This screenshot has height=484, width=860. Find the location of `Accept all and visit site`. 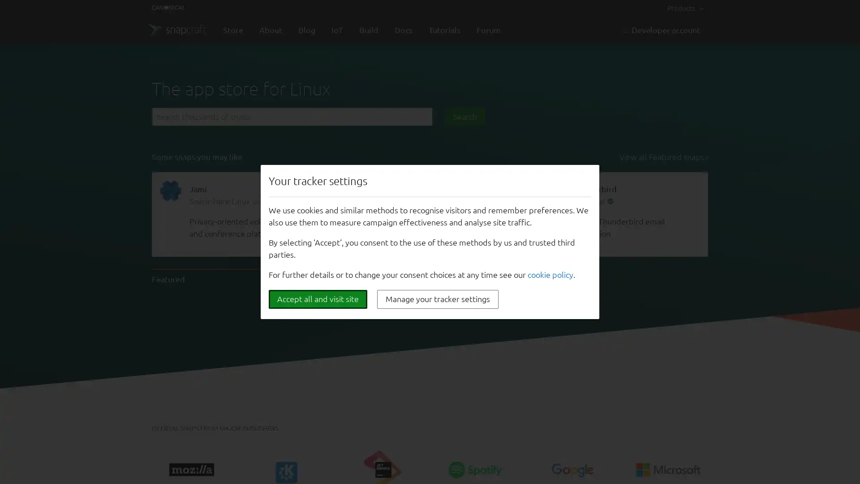

Accept all and visit site is located at coordinates (318, 299).